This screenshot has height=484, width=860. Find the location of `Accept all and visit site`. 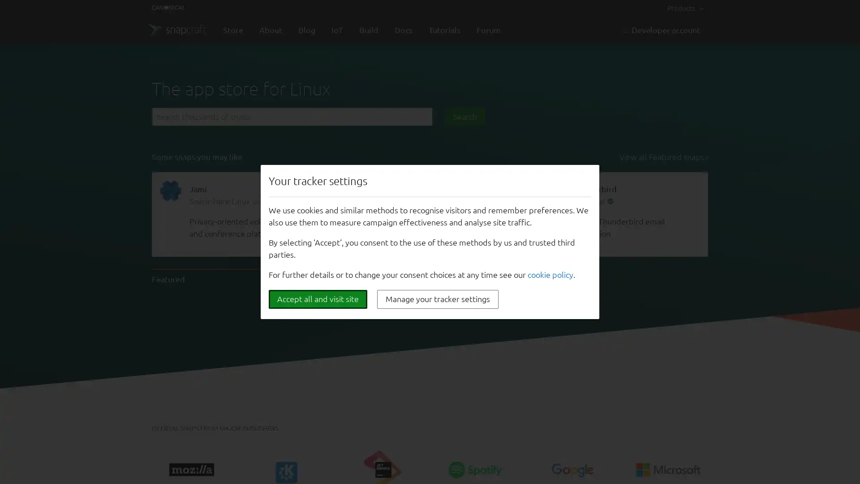

Accept all and visit site is located at coordinates (318, 299).